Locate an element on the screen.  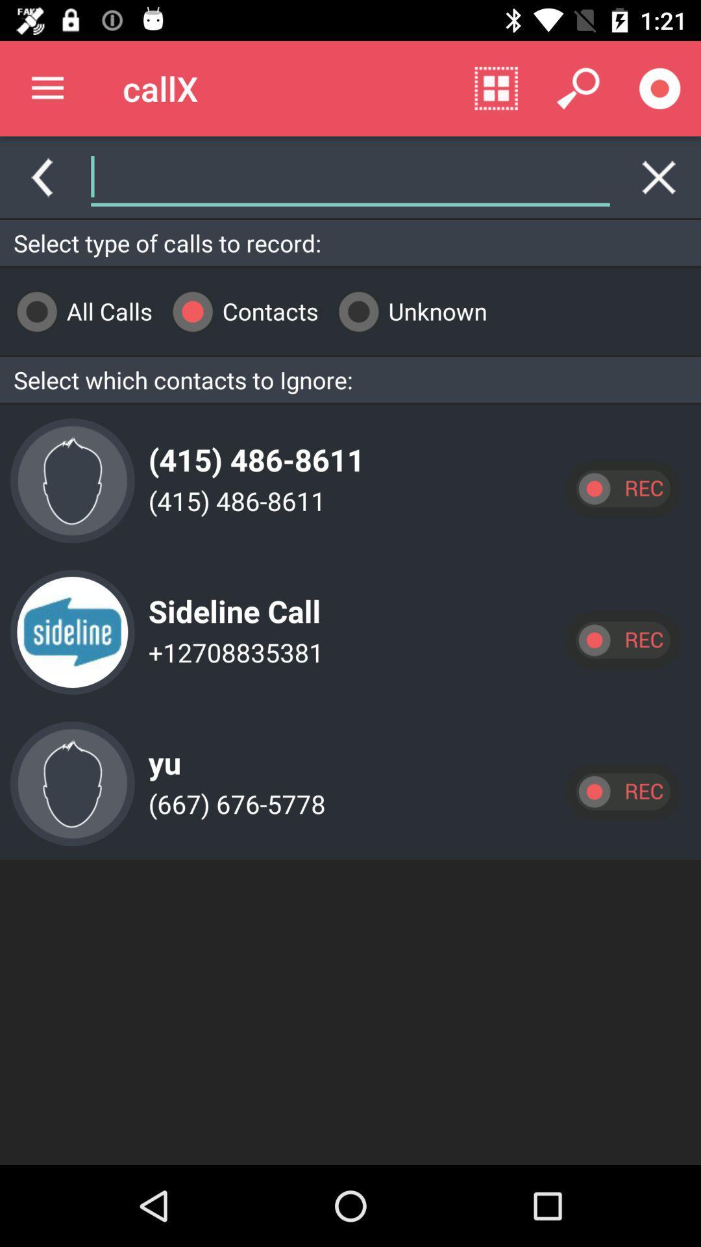
item next to the callx icon is located at coordinates (47, 88).